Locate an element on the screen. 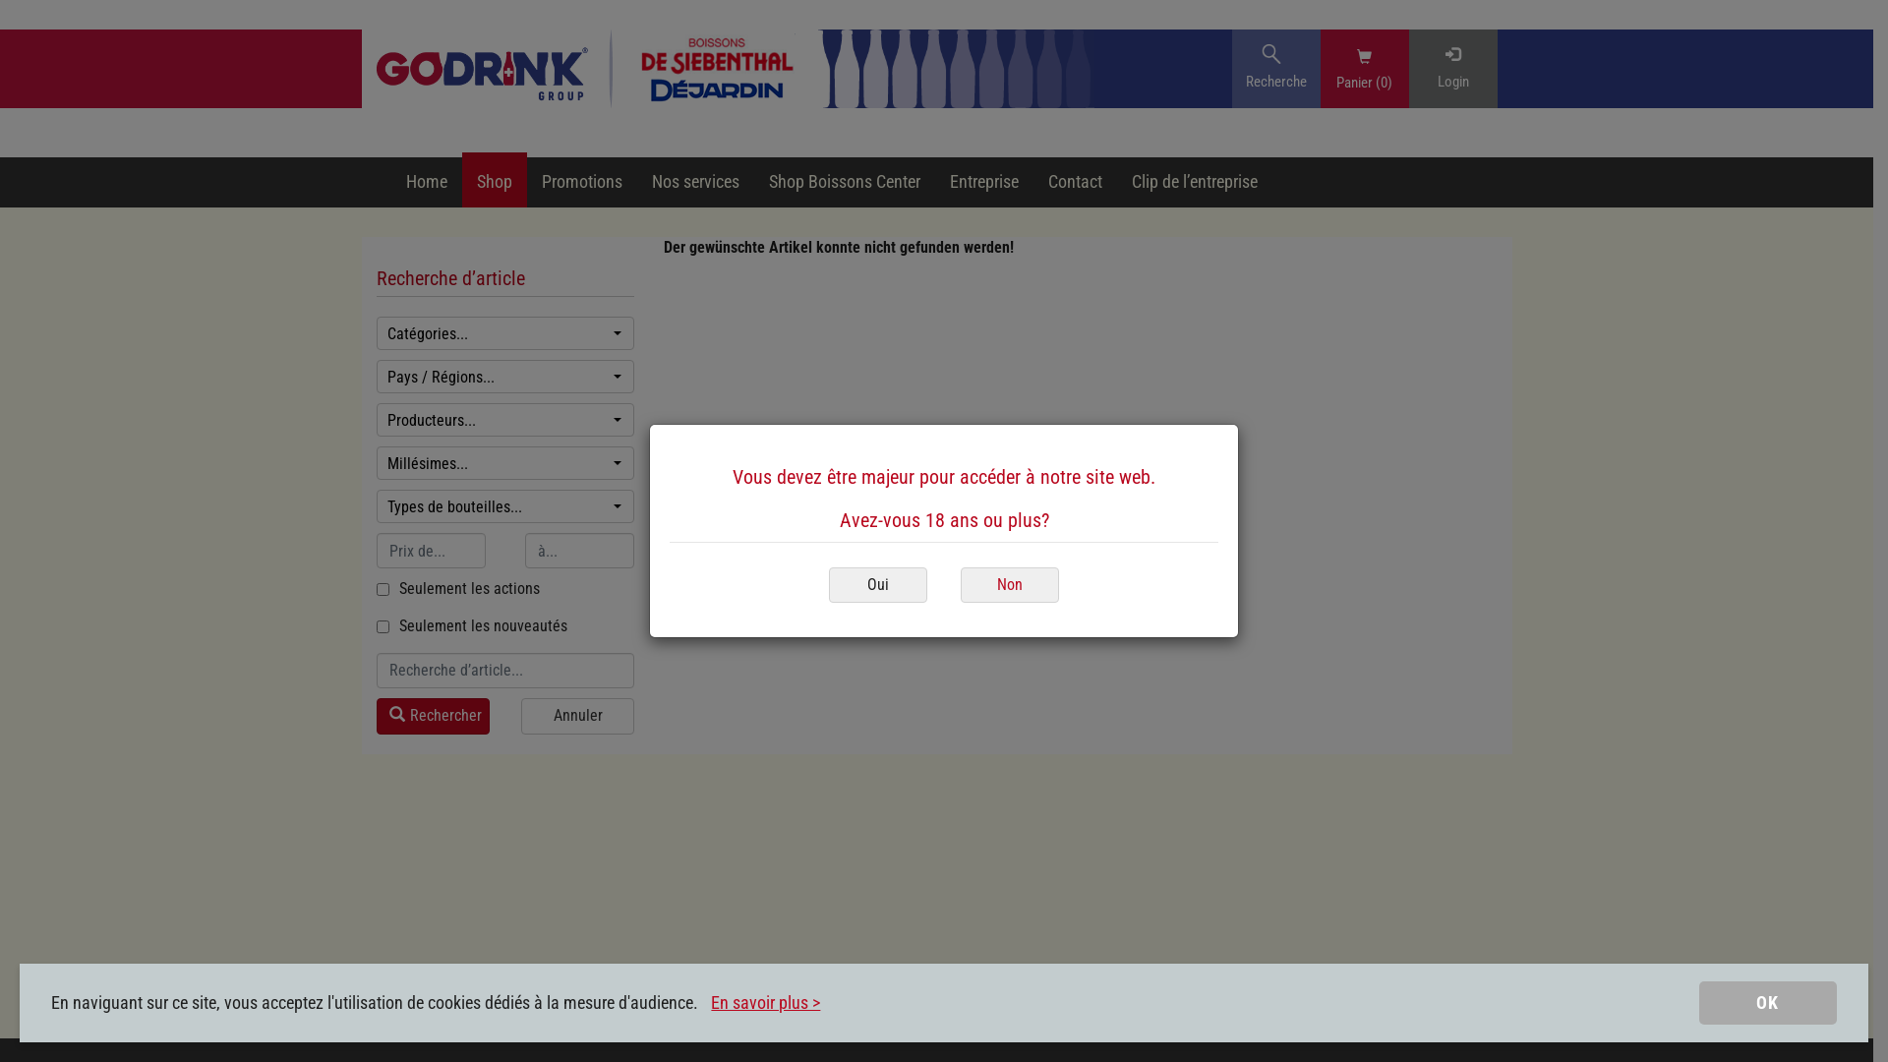 This screenshot has width=1888, height=1062. 'Promotions' is located at coordinates (580, 182).